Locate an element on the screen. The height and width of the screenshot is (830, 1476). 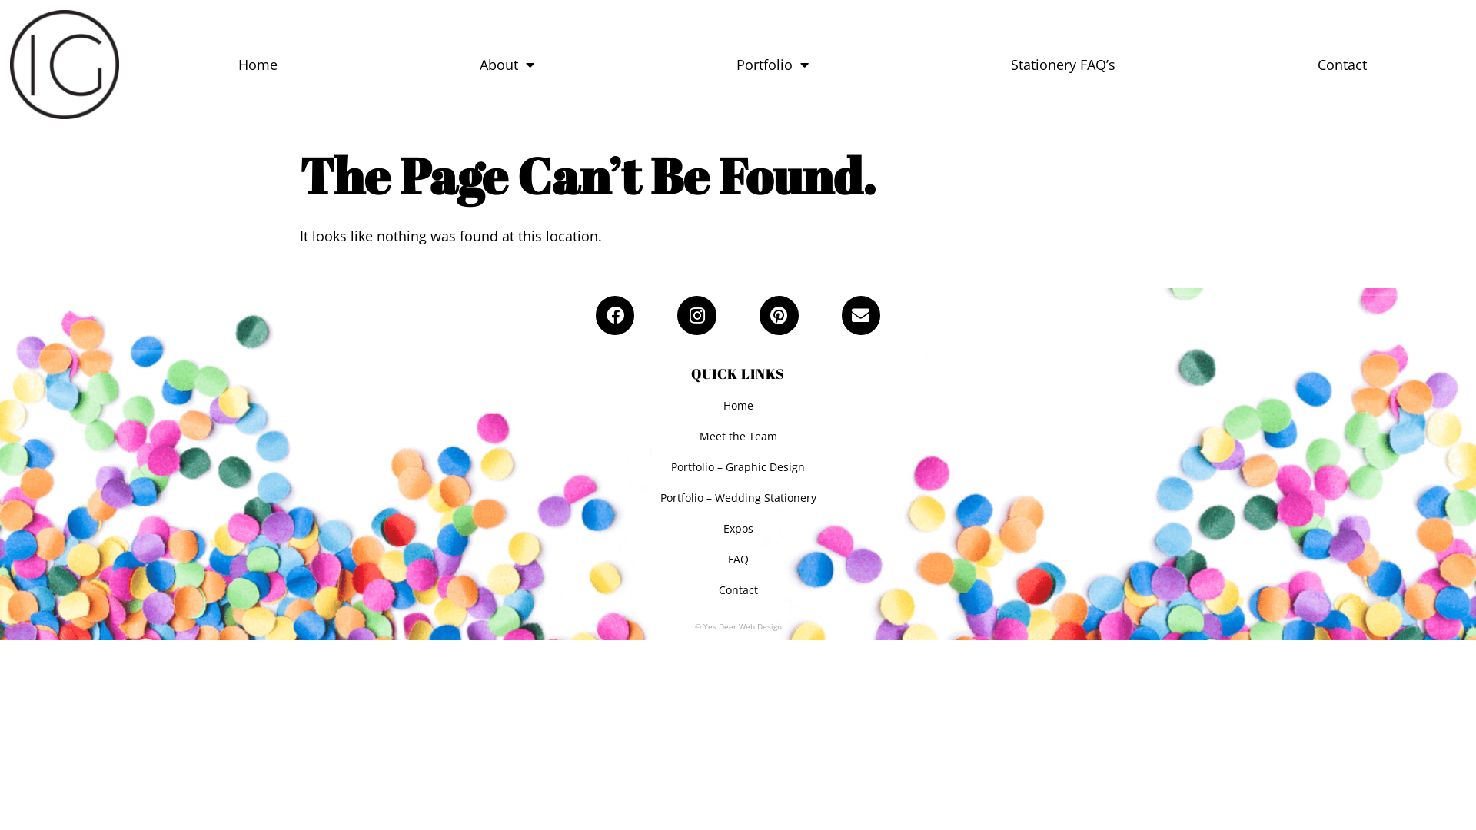
'FAQ' is located at coordinates (738, 559).